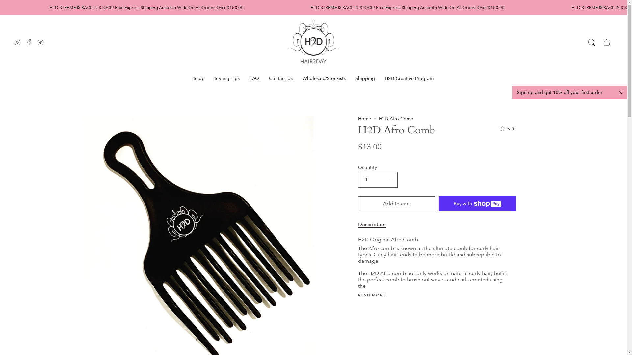  What do you see at coordinates (281, 78) in the screenshot?
I see `'Contact Us'` at bounding box center [281, 78].